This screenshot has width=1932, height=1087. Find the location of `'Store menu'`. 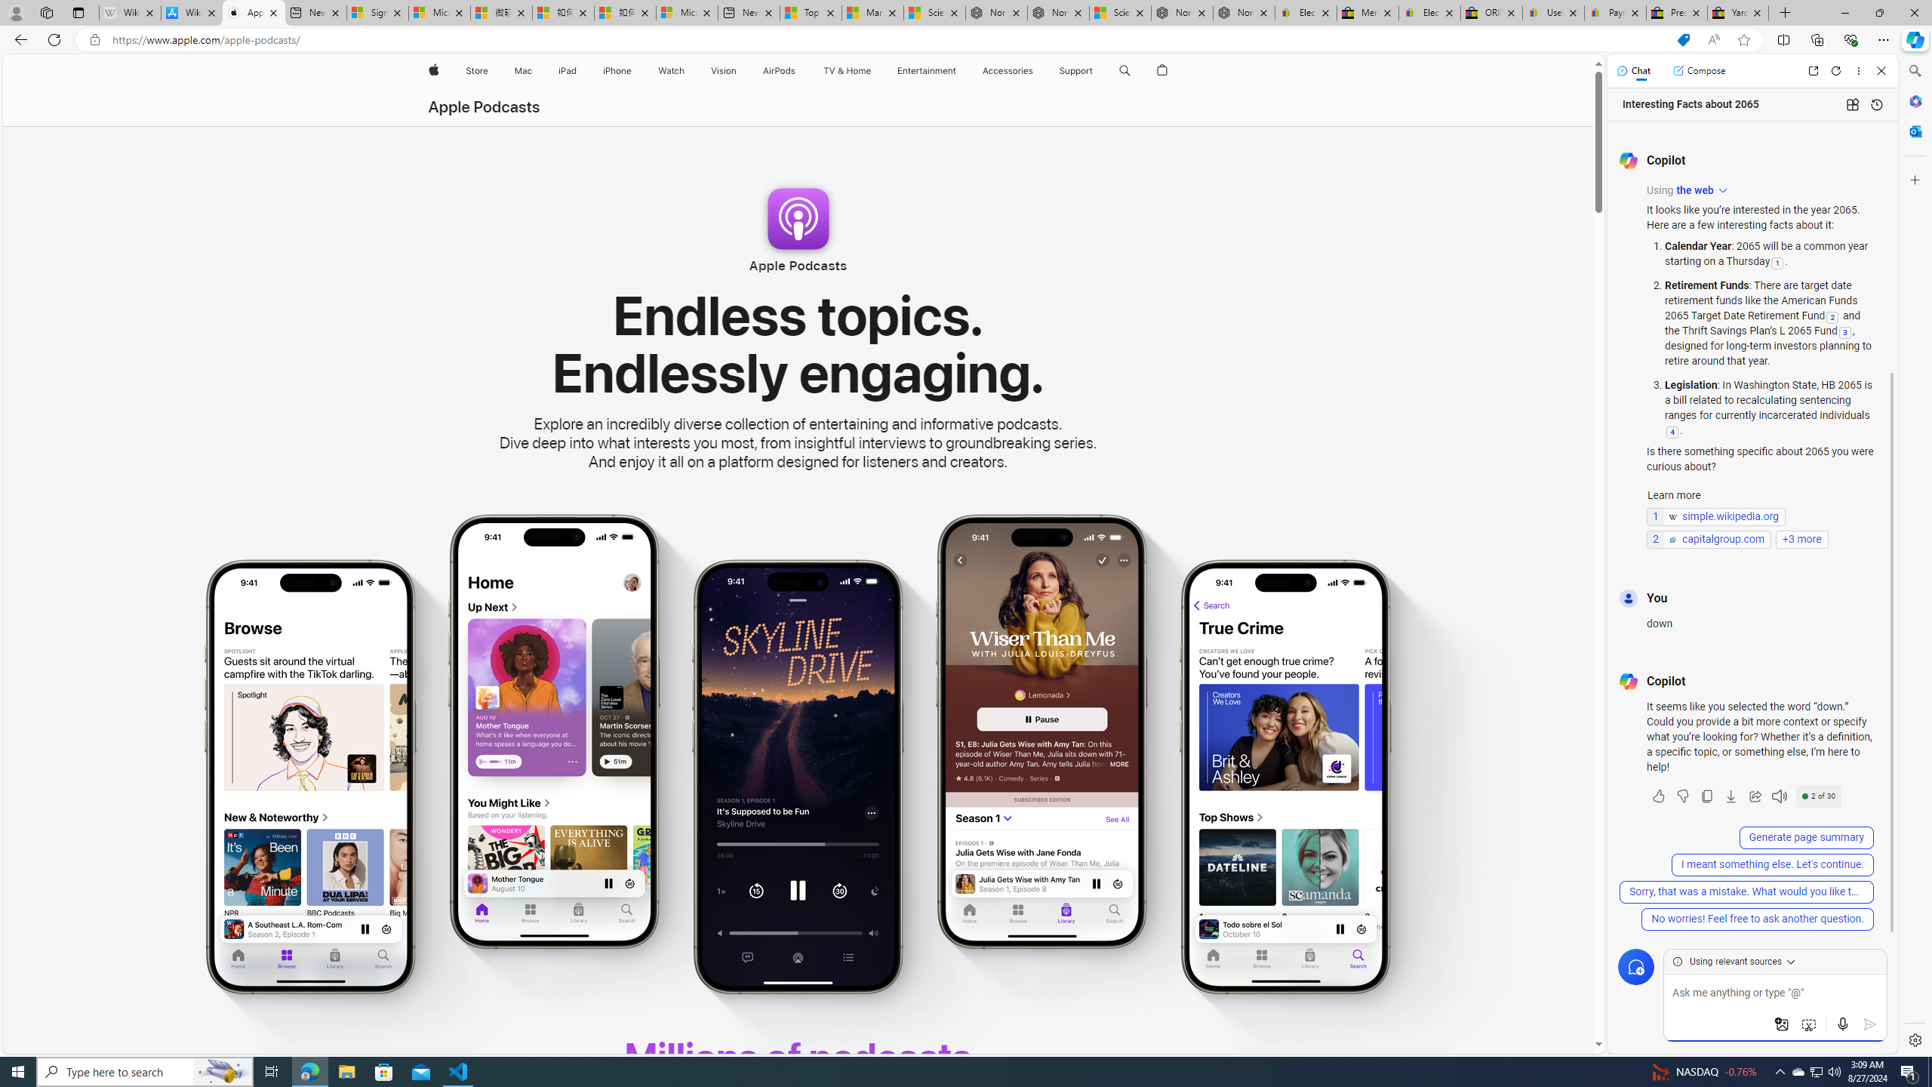

'Store menu' is located at coordinates (491, 70).